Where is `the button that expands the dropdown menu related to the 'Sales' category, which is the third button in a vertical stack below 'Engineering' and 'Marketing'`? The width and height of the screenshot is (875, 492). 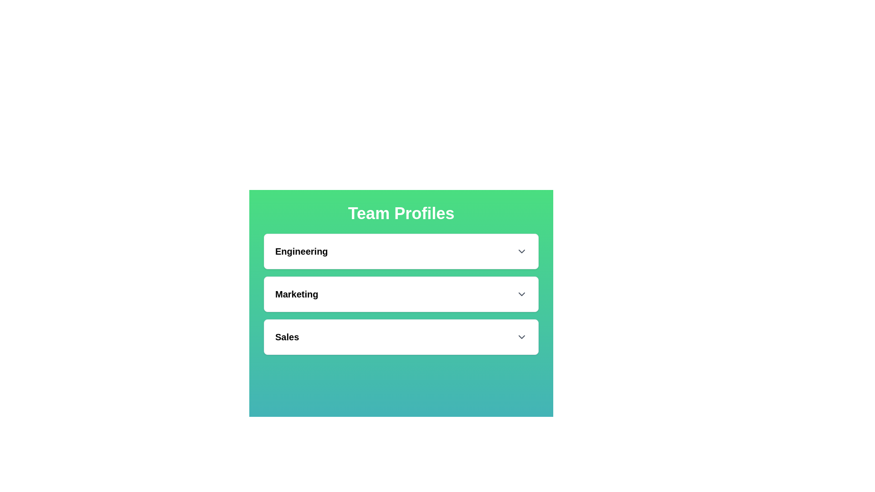 the button that expands the dropdown menu related to the 'Sales' category, which is the third button in a vertical stack below 'Engineering' and 'Marketing' is located at coordinates (401, 337).